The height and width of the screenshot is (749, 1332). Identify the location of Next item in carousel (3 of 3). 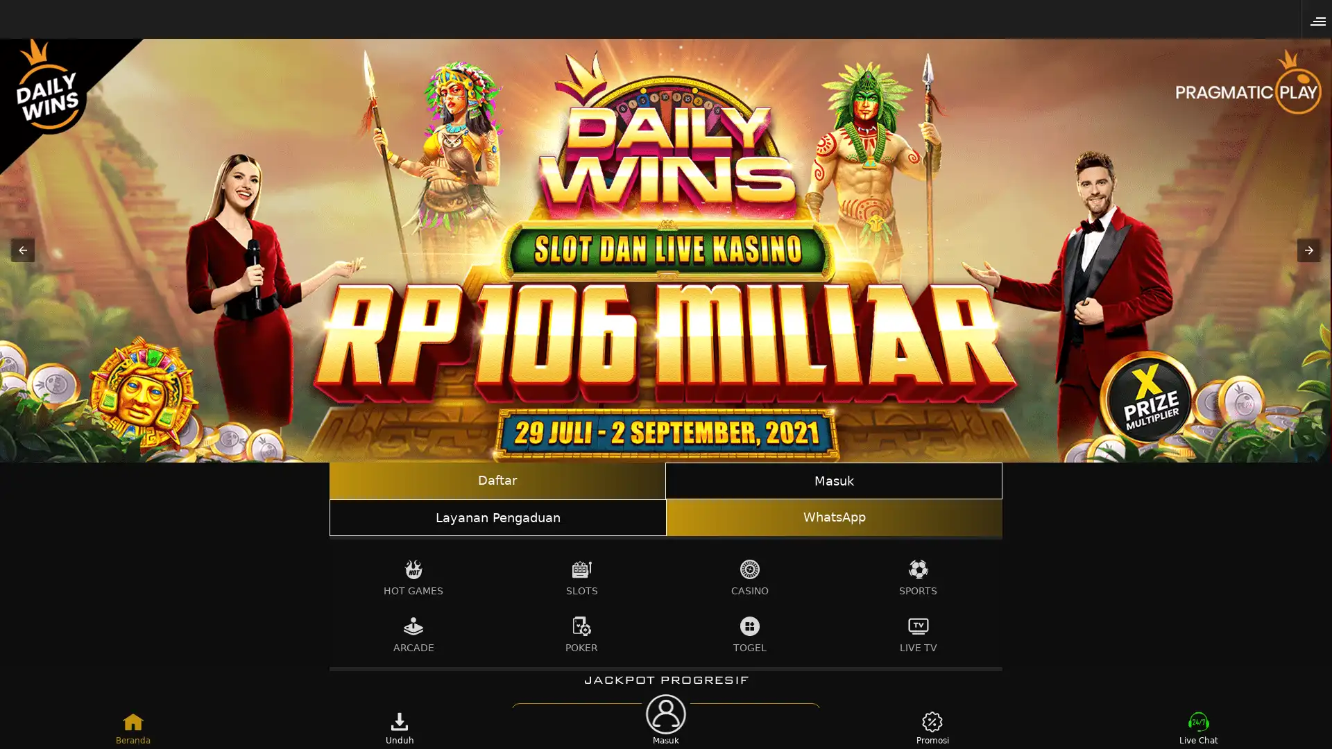
(1308, 248).